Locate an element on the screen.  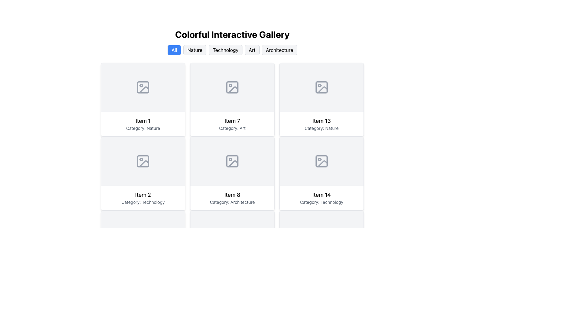
the gray icon resembling an image frame located in the top-left cell of the grid layout, associated with 'Item 1' under the 'Nature' category is located at coordinates (142, 87).